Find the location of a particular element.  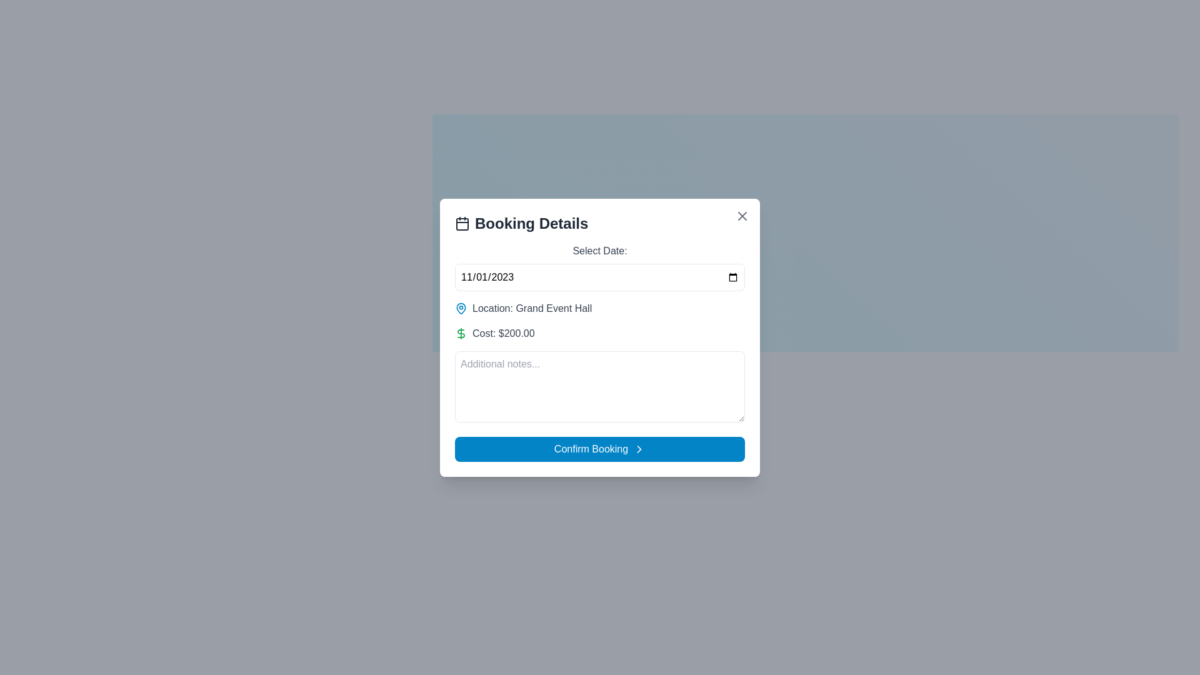

the right-pointing chevron icon located within the blue button labeled 'Confirm Booking' at the bottom of the modal is located at coordinates (639, 448).